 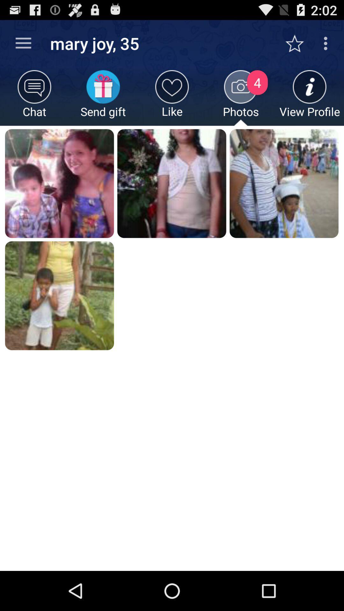 I want to click on the icon to the right of photos icon, so click(x=309, y=97).